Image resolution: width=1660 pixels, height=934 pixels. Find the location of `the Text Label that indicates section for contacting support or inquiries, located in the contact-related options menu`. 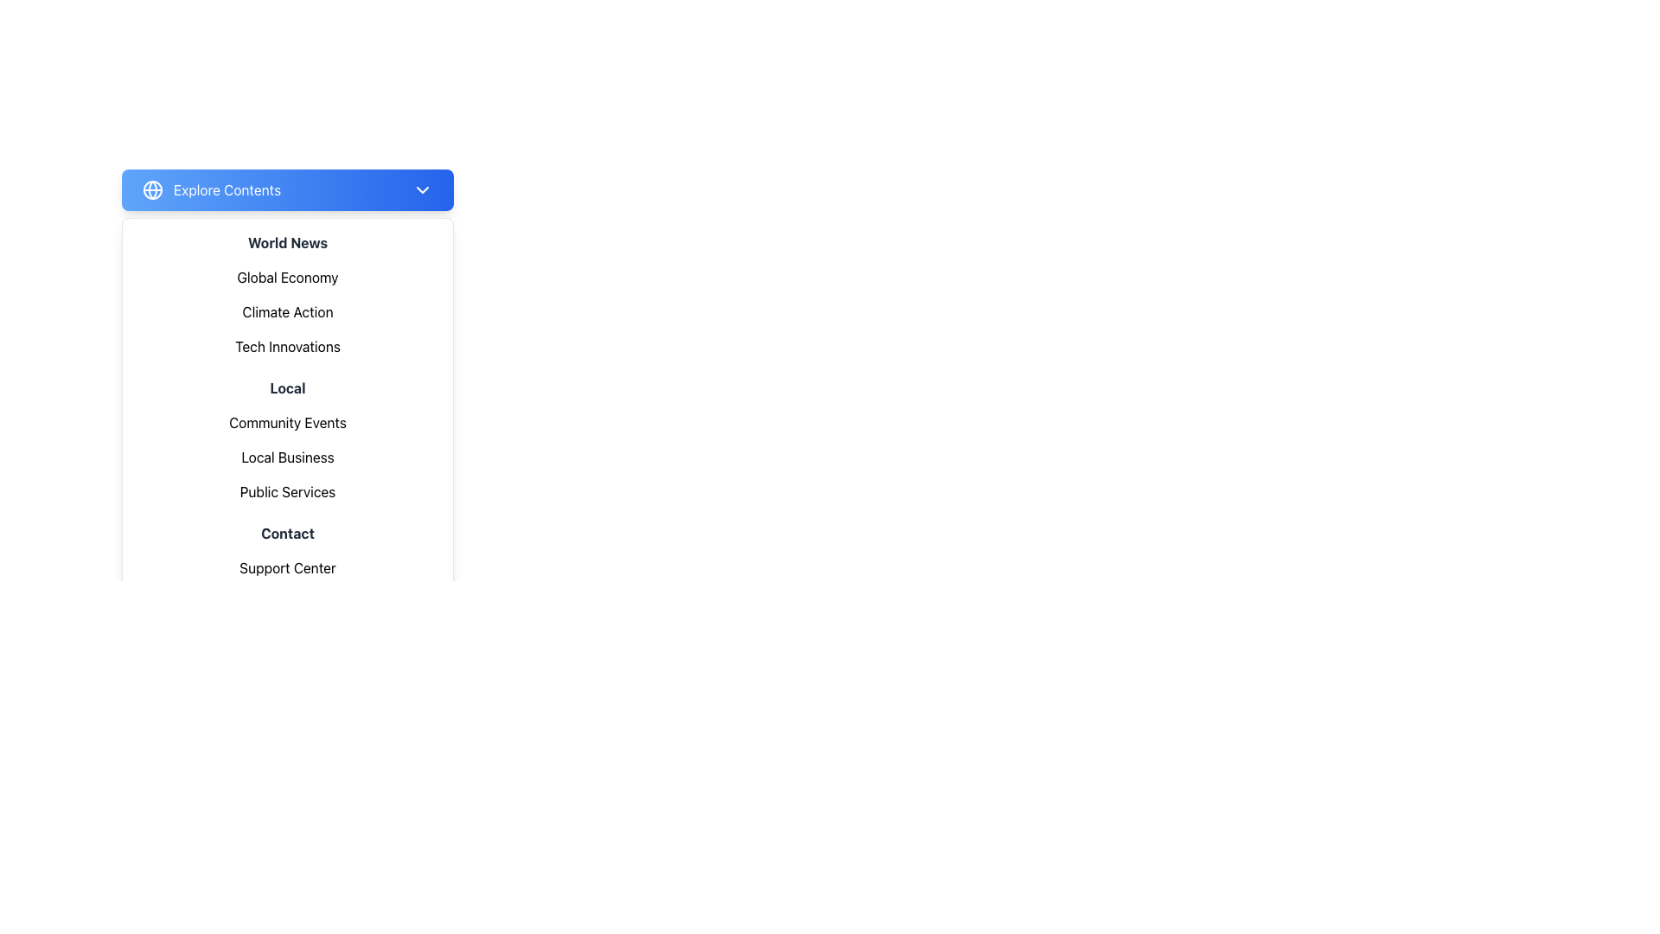

the Text Label that indicates section for contacting support or inquiries, located in the contact-related options menu is located at coordinates (287, 533).